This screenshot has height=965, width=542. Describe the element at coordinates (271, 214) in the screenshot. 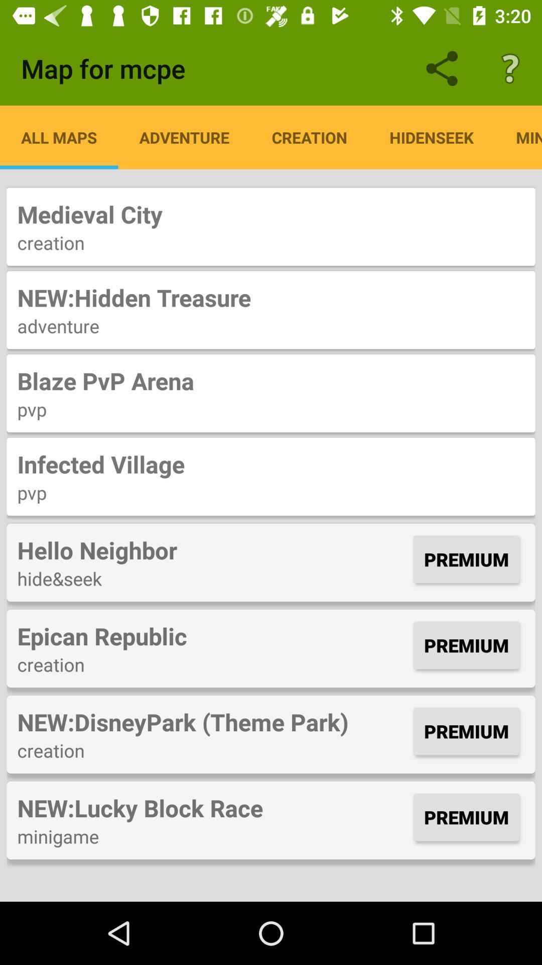

I see `the item below all maps item` at that location.